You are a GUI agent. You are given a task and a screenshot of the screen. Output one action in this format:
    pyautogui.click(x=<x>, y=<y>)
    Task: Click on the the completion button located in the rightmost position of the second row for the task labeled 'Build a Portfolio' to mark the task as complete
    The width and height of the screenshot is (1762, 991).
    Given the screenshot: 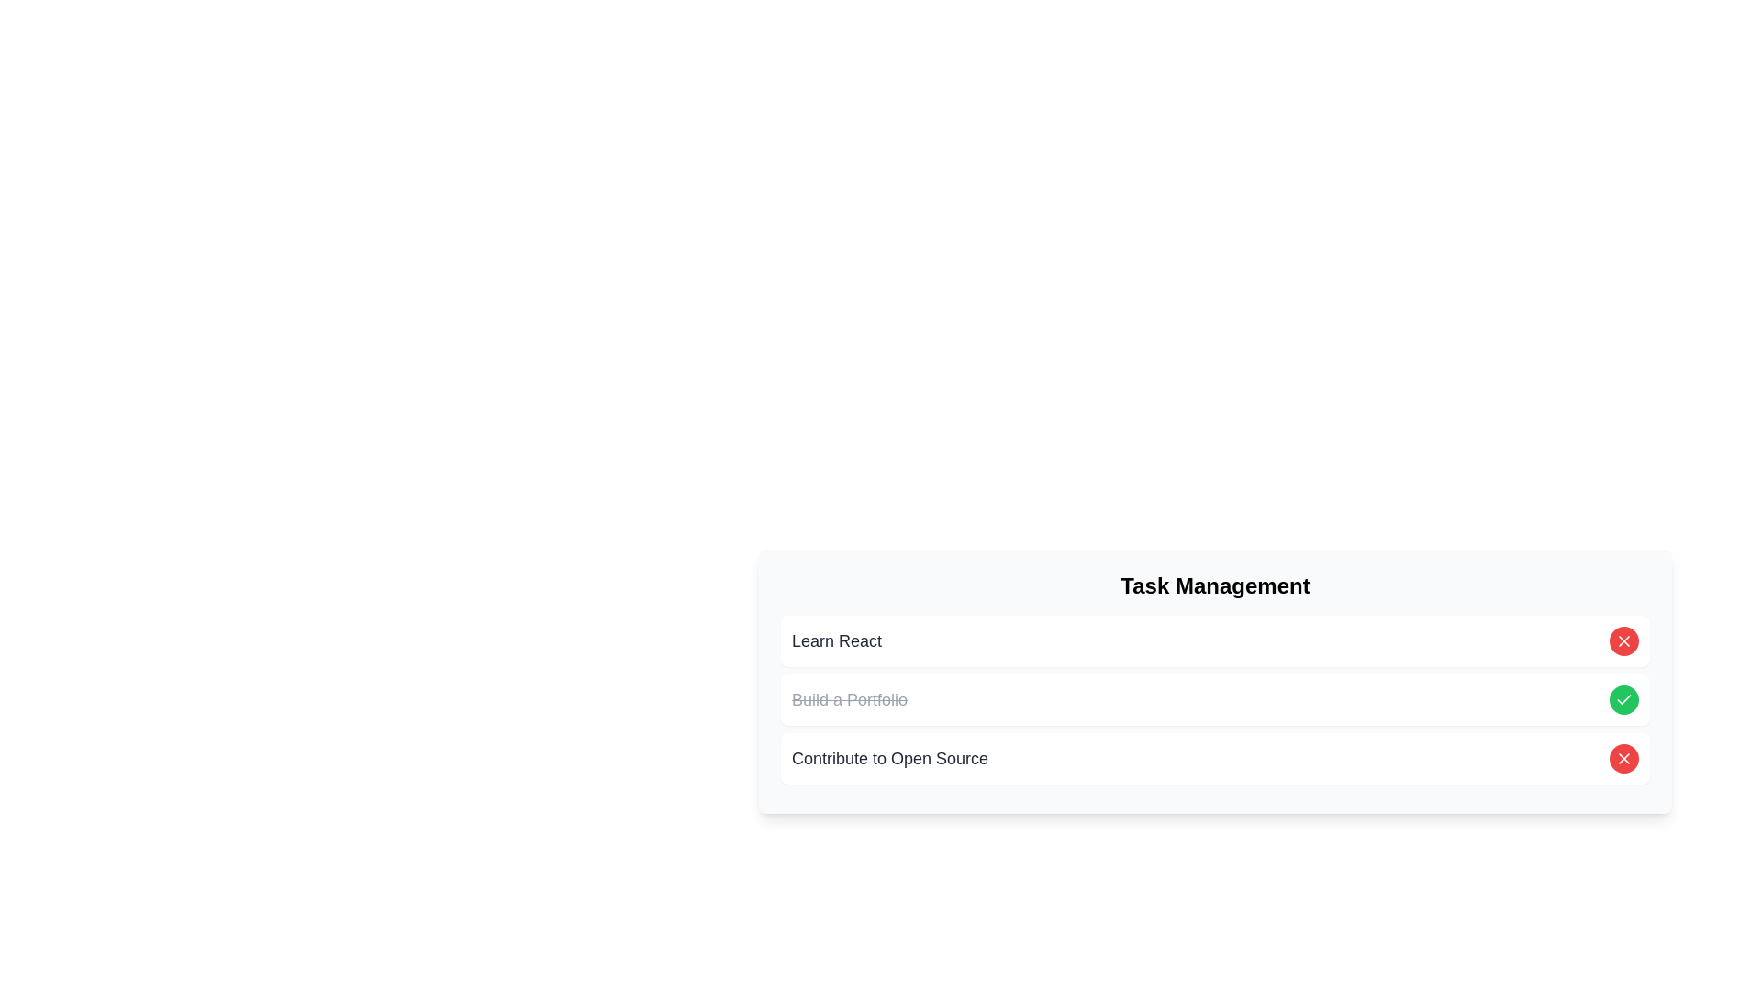 What is the action you would take?
    pyautogui.click(x=1624, y=700)
    